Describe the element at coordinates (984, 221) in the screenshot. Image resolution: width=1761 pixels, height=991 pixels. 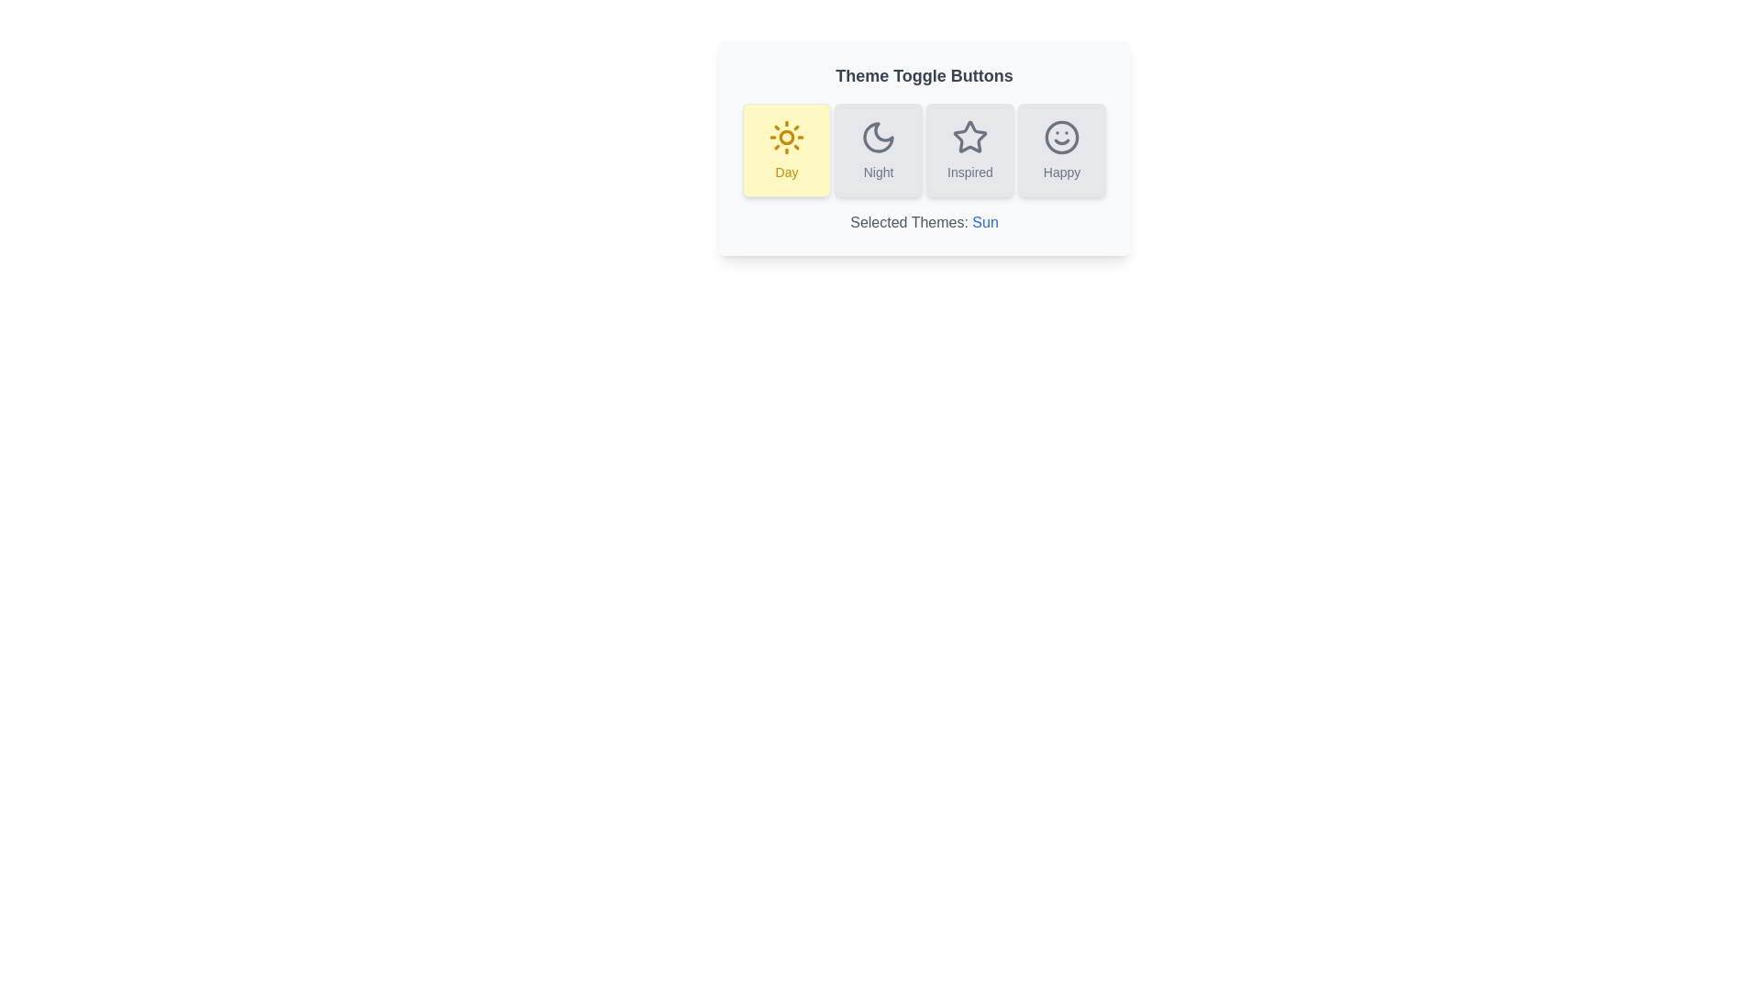
I see `the Text Label displaying the selected theme 'Sun' located within the statement 'Selected Themes: Sun' near the bottom section of the interface` at that location.